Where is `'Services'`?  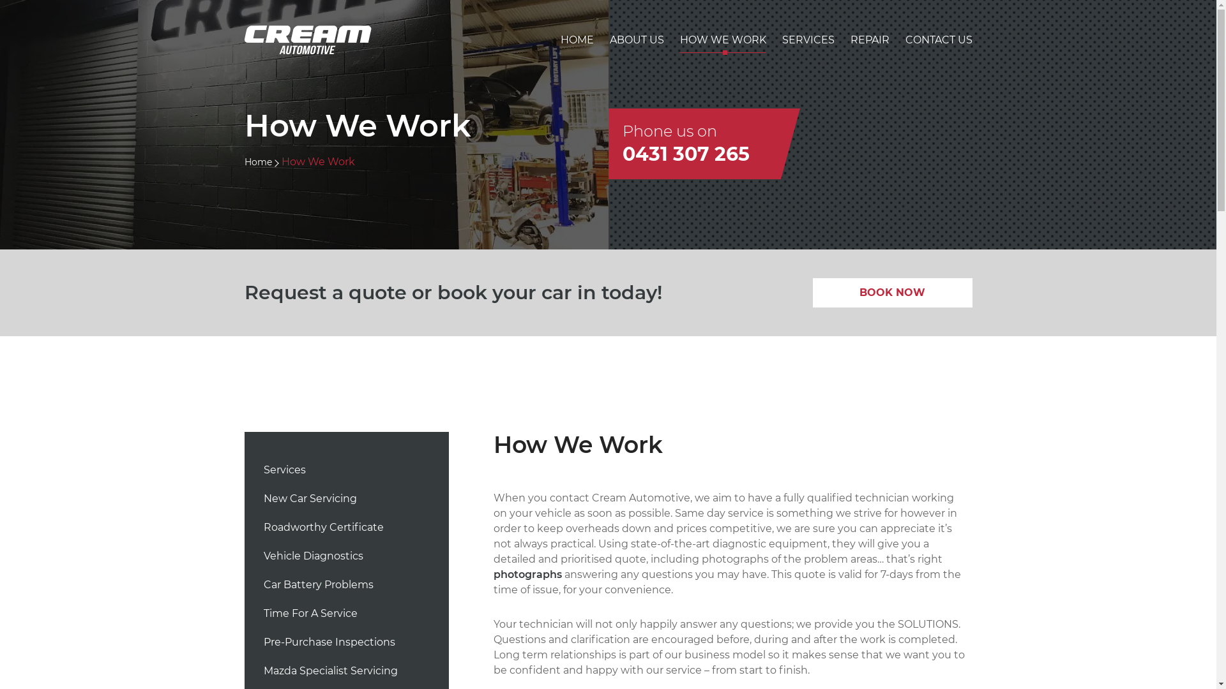
'Services' is located at coordinates (262, 475).